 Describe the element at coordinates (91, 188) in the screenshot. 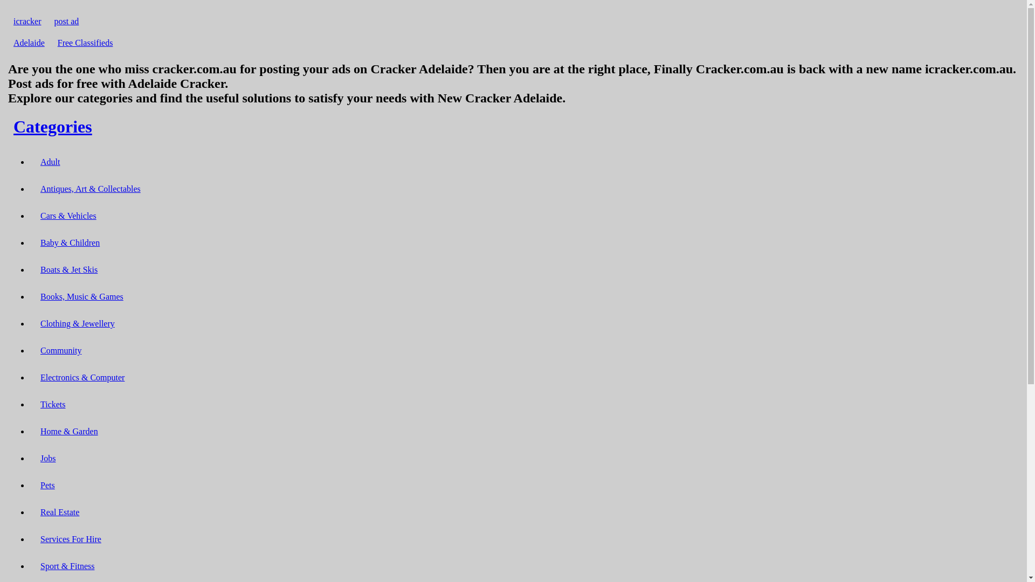

I see `'Antiques, Art & Collectables'` at that location.